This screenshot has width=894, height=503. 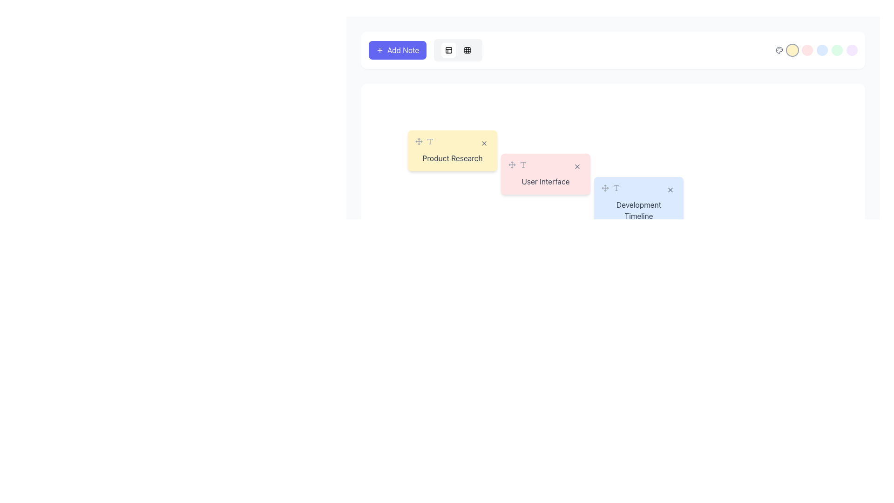 I want to click on the SVG icon representing addition, which is located inside the 'Add Note' button at the top-left corner of the interface, so click(x=380, y=50).